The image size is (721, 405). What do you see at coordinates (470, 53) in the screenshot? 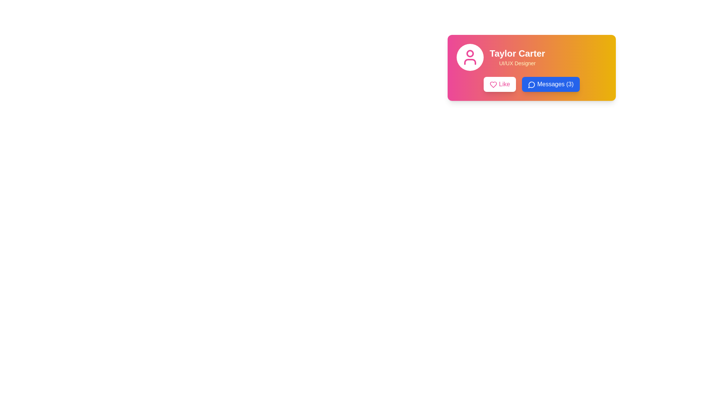
I see `the small circle SVG graphic that serves as a status marker on the profile icon located at the leftmost area of the card` at bounding box center [470, 53].